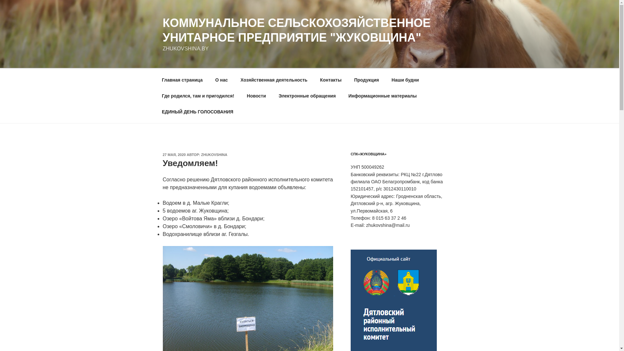  Describe the element at coordinates (214, 154) in the screenshot. I see `'ZHUKOVSHINA'` at that location.